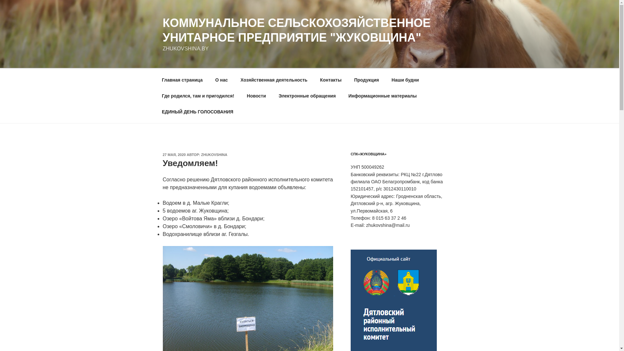  Describe the element at coordinates (214, 154) in the screenshot. I see `'ZHUKOVSHINA'` at that location.